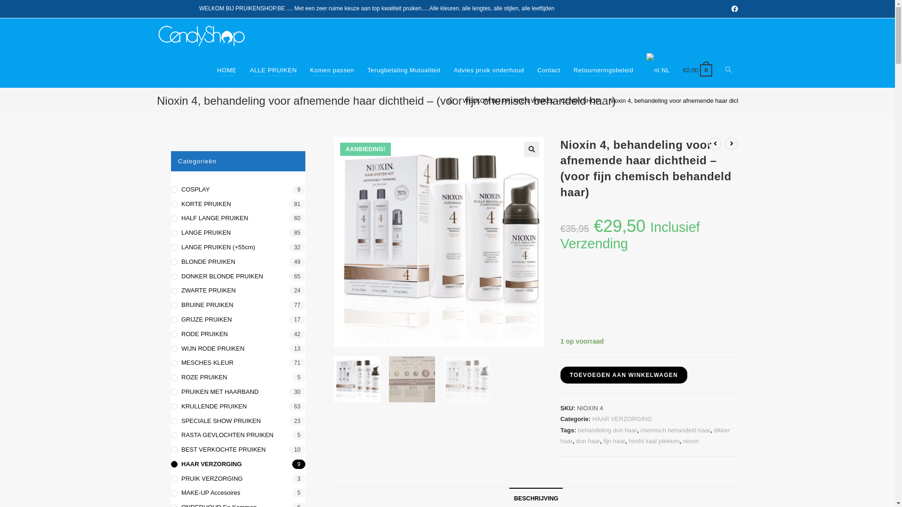  I want to click on 'KRULLENDE PRUIKEN', so click(171, 406).